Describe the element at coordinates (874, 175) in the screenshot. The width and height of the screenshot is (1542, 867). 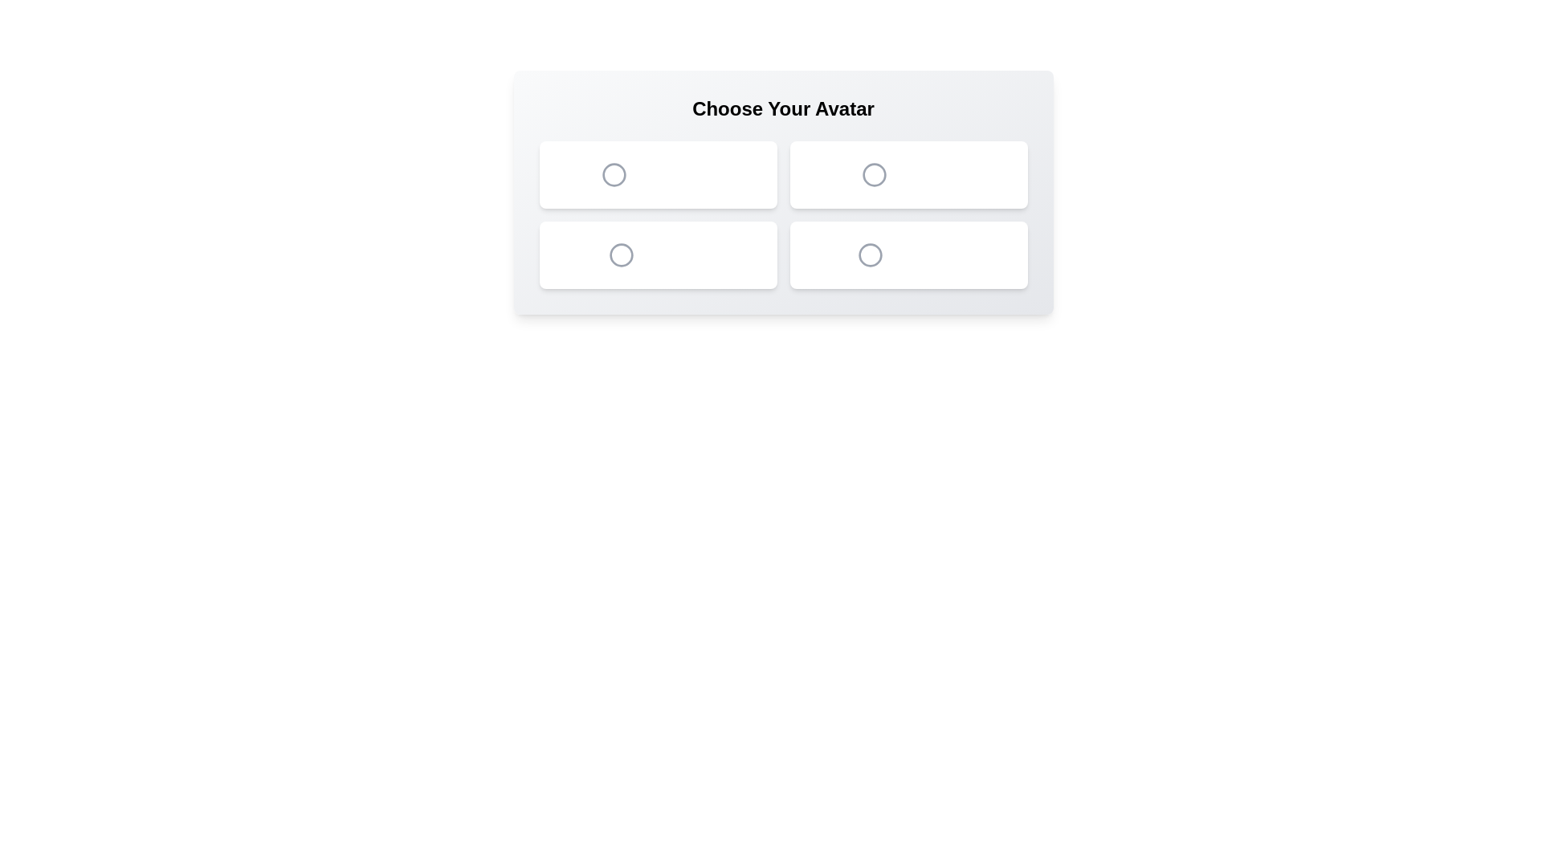
I see `the status of the icon located next to the 'Explorer' button, which serves as a visual indicator for selection or action` at that location.